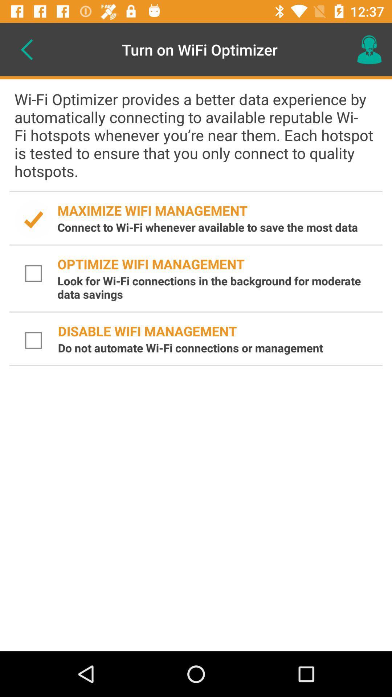 The width and height of the screenshot is (392, 697). What do you see at coordinates (369, 49) in the screenshot?
I see `icon to the right of the turn on wifi` at bounding box center [369, 49].